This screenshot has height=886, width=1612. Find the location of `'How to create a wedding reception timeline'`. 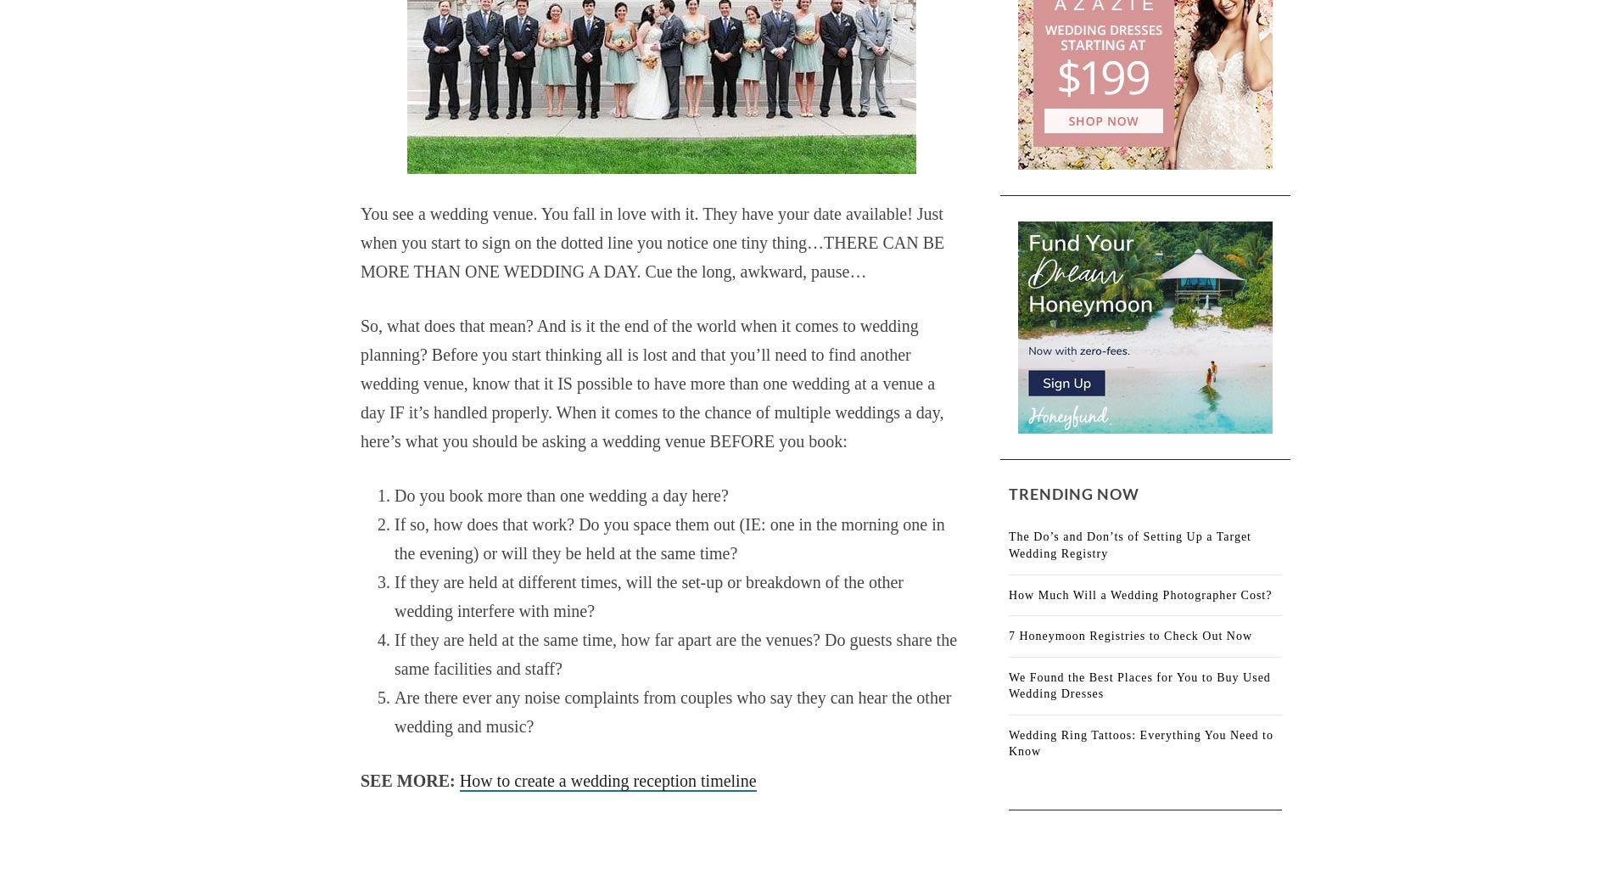

'How to create a wedding reception timeline' is located at coordinates (606, 779).